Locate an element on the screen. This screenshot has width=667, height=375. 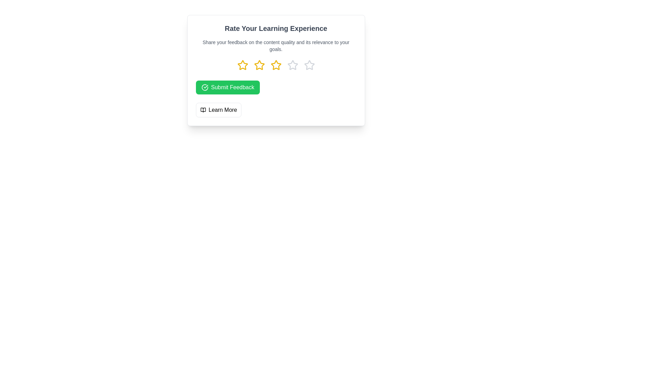
the rating to 3 stars by clicking on the corresponding star is located at coordinates (275, 65).